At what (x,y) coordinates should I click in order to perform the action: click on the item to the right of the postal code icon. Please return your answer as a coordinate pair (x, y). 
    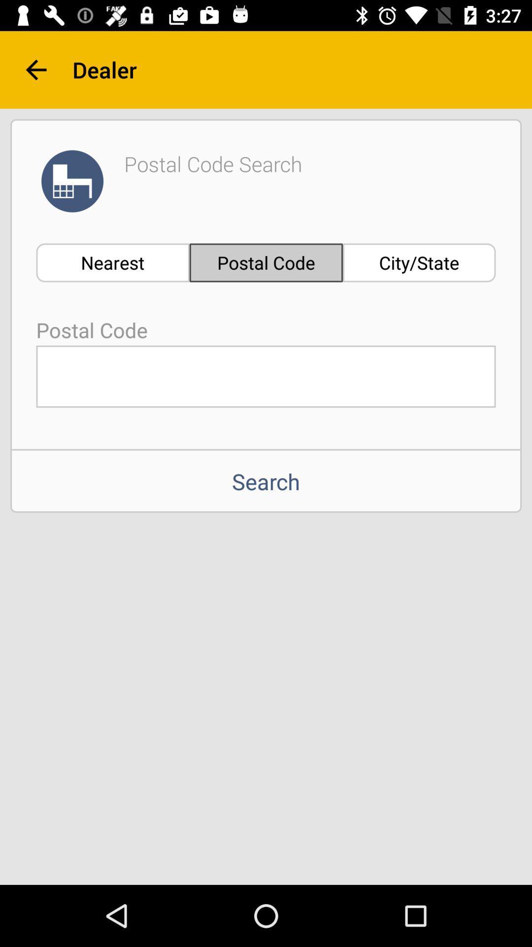
    Looking at the image, I should click on (419, 262).